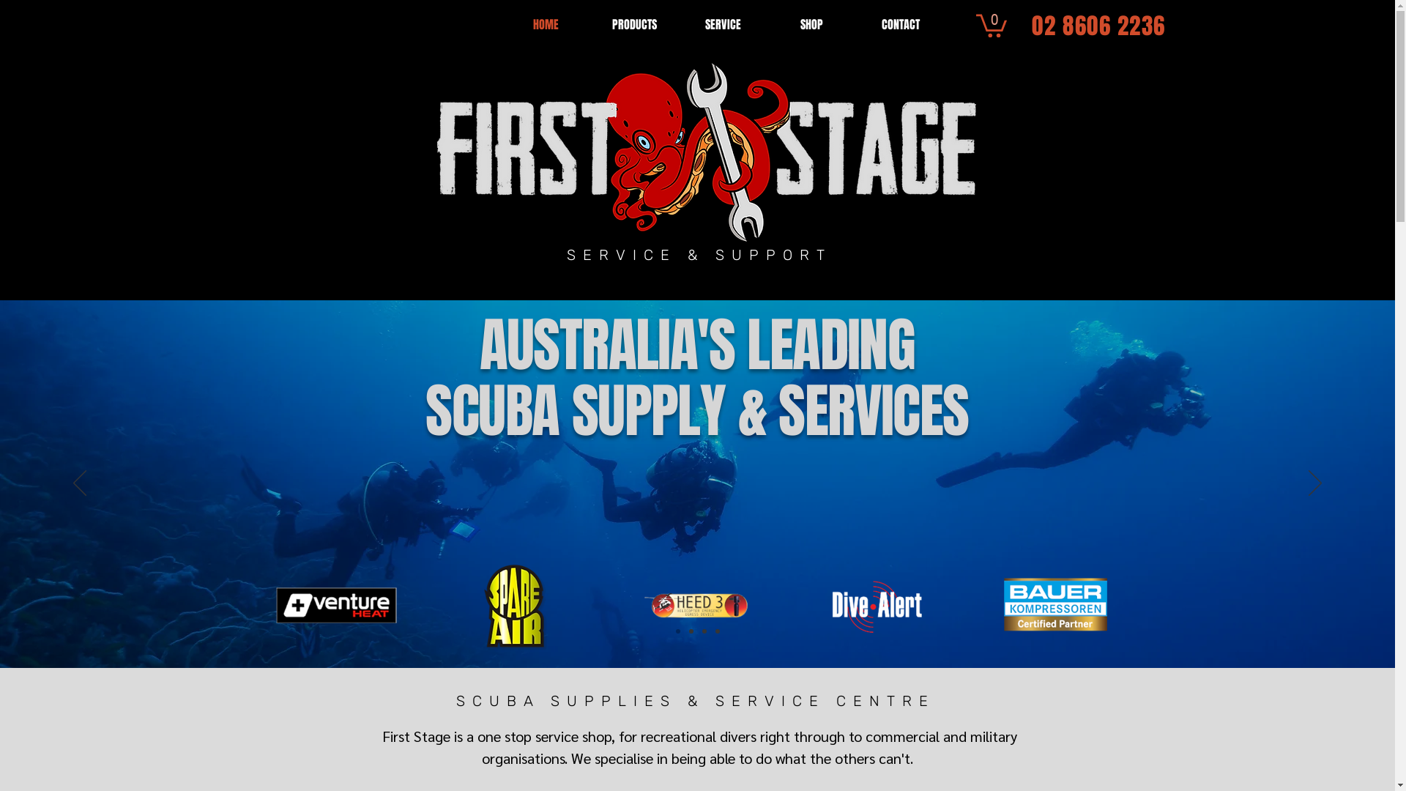  Describe the element at coordinates (634, 24) in the screenshot. I see `'PRODUCTS'` at that location.